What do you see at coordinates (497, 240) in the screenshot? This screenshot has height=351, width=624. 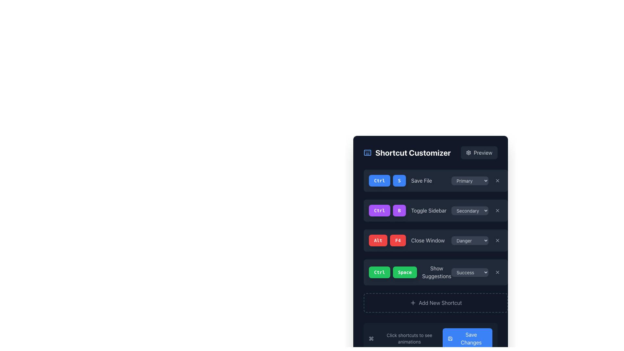 I see `the icon button located to the right of the 'Danger' dropdown menu in the third row labeled 'Close Window'` at bounding box center [497, 240].